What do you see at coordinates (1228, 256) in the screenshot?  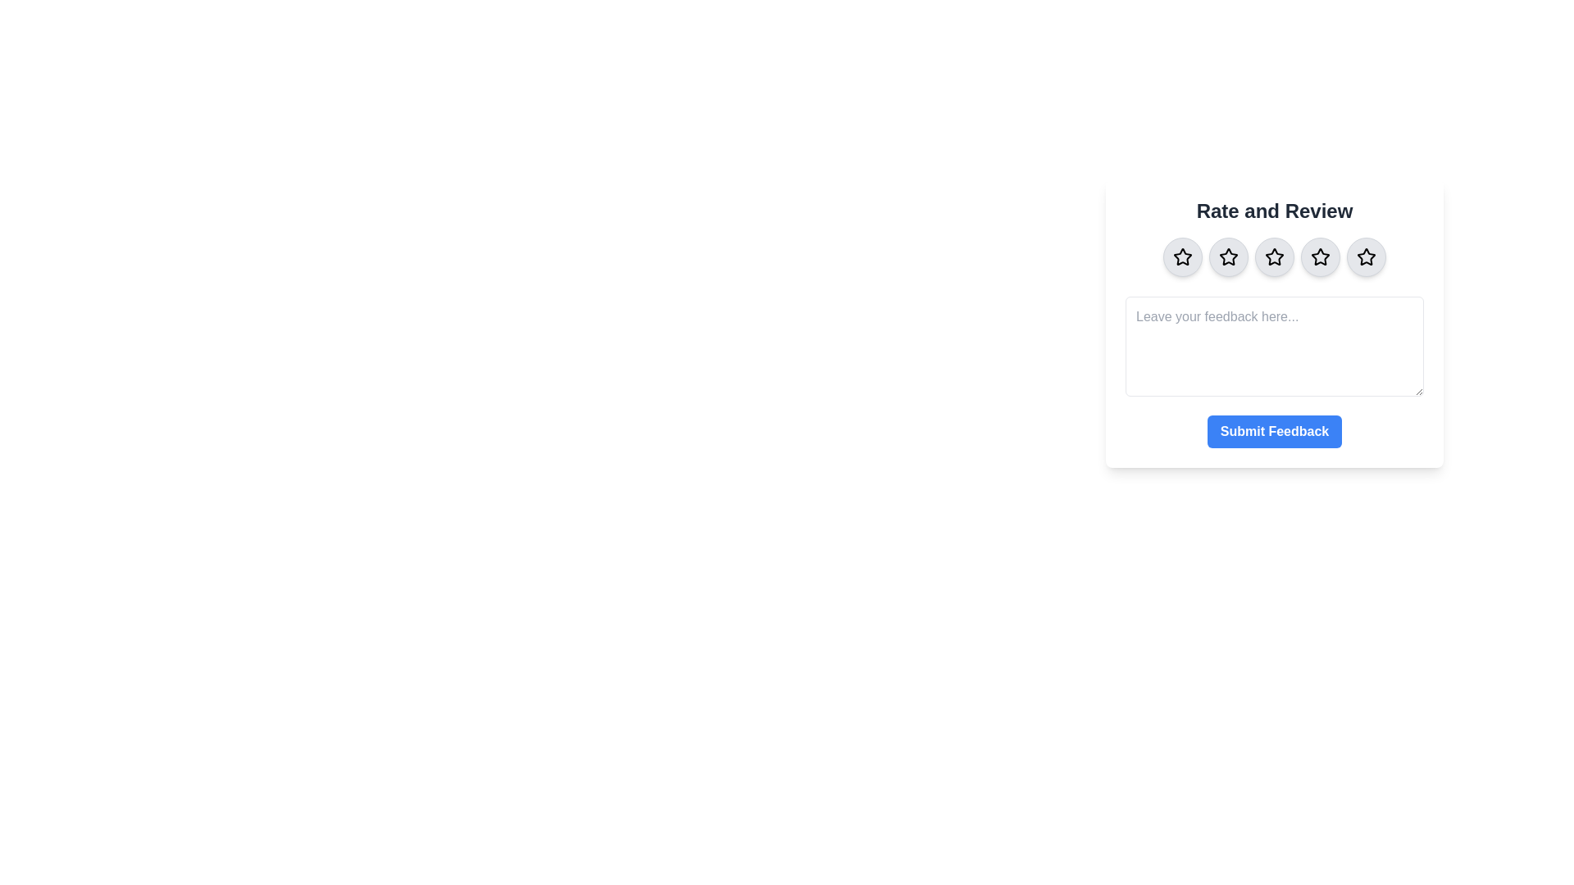 I see `the rating button represented by a star icon` at bounding box center [1228, 256].